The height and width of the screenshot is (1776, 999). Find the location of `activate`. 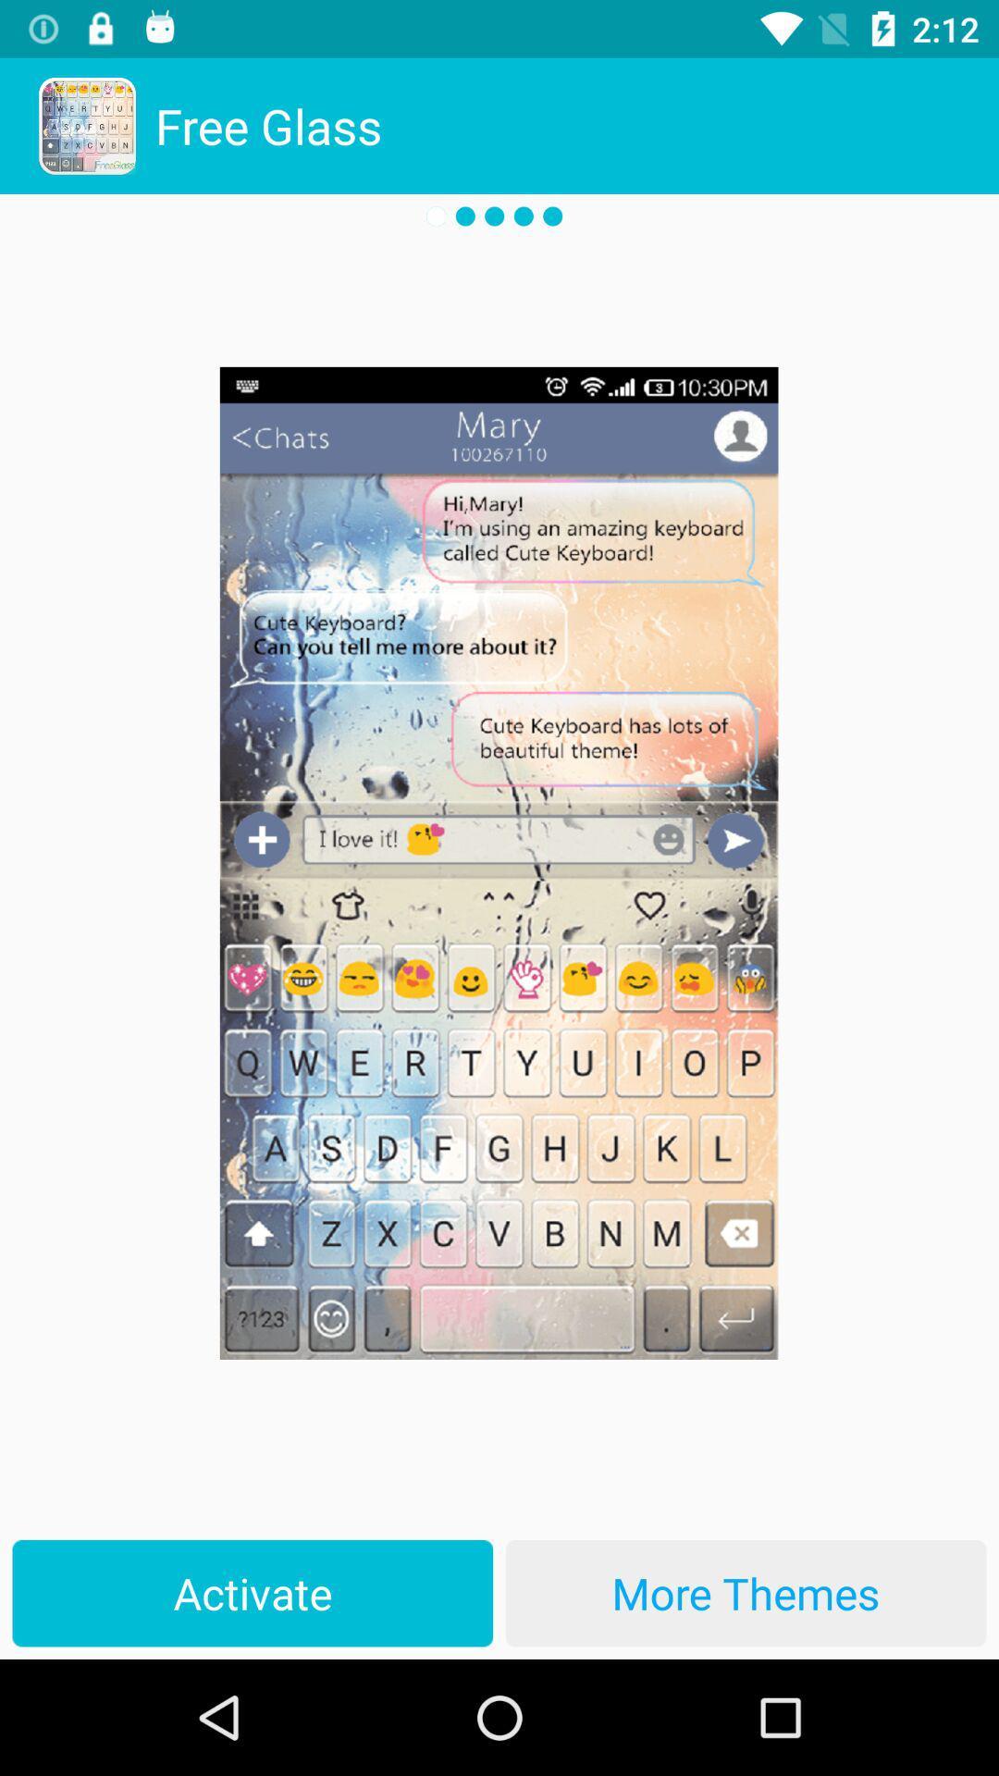

activate is located at coordinates (253, 1592).